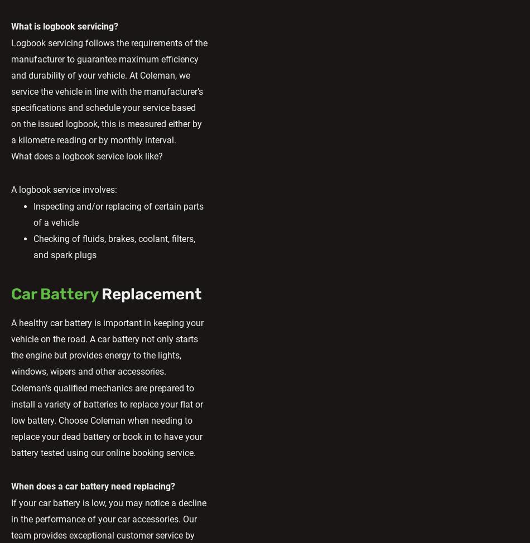 The height and width of the screenshot is (543, 530). What do you see at coordinates (86, 156) in the screenshot?
I see `'What does a logbook service look like?'` at bounding box center [86, 156].